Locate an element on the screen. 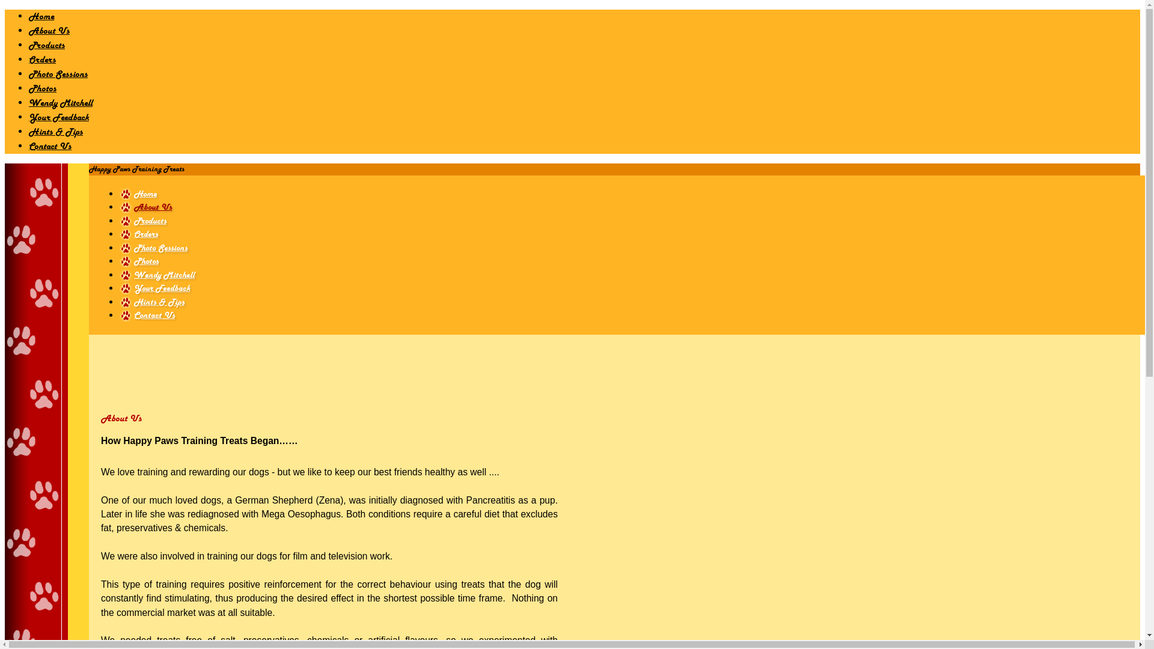  'Your Feedback' is located at coordinates (58, 117).